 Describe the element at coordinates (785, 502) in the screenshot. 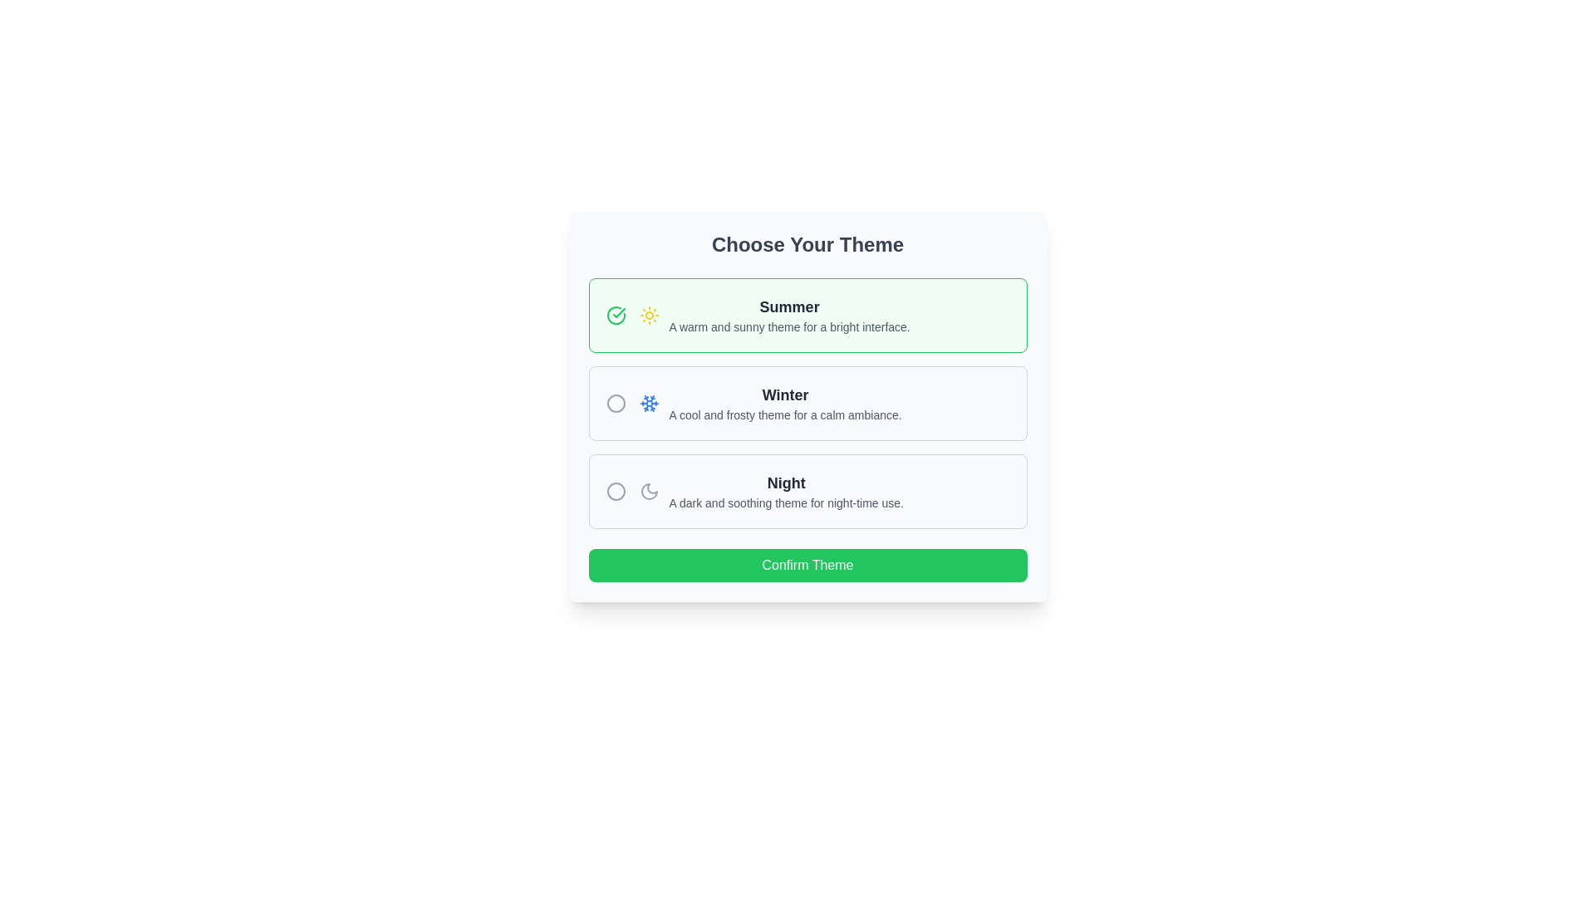

I see `the descriptive text element that states 'A dark and soothing theme for night-time use.' which is located beneath the heading 'Night' within a card layout` at that location.